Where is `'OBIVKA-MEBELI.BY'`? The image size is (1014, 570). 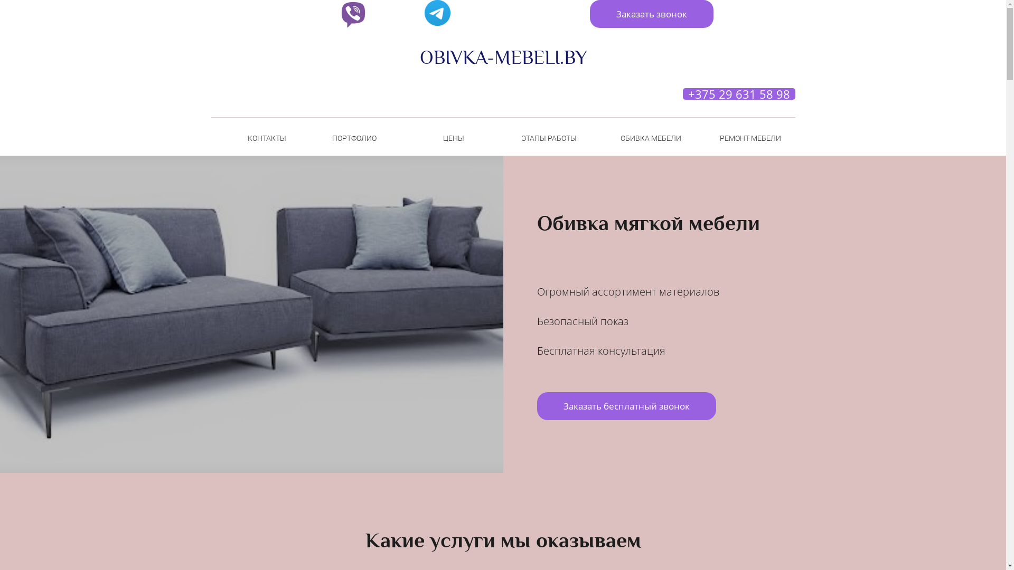
'OBIVKA-MEBELI.BY' is located at coordinates (502, 58).